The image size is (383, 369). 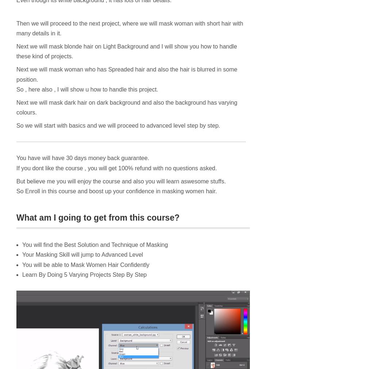 What do you see at coordinates (95, 245) in the screenshot?
I see `'You will find the Best Solution and Technique of Masking'` at bounding box center [95, 245].